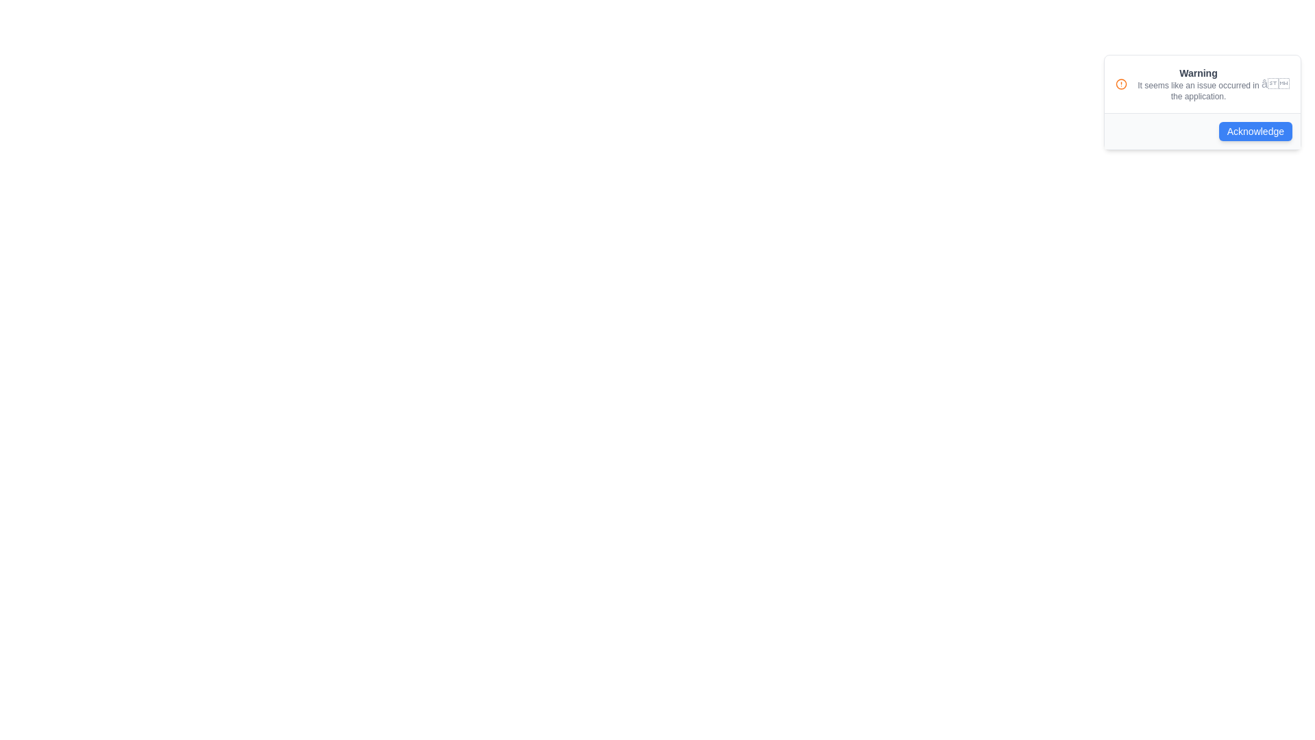 This screenshot has height=740, width=1315. What do you see at coordinates (1202, 131) in the screenshot?
I see `the 'Acknowledge' button` at bounding box center [1202, 131].